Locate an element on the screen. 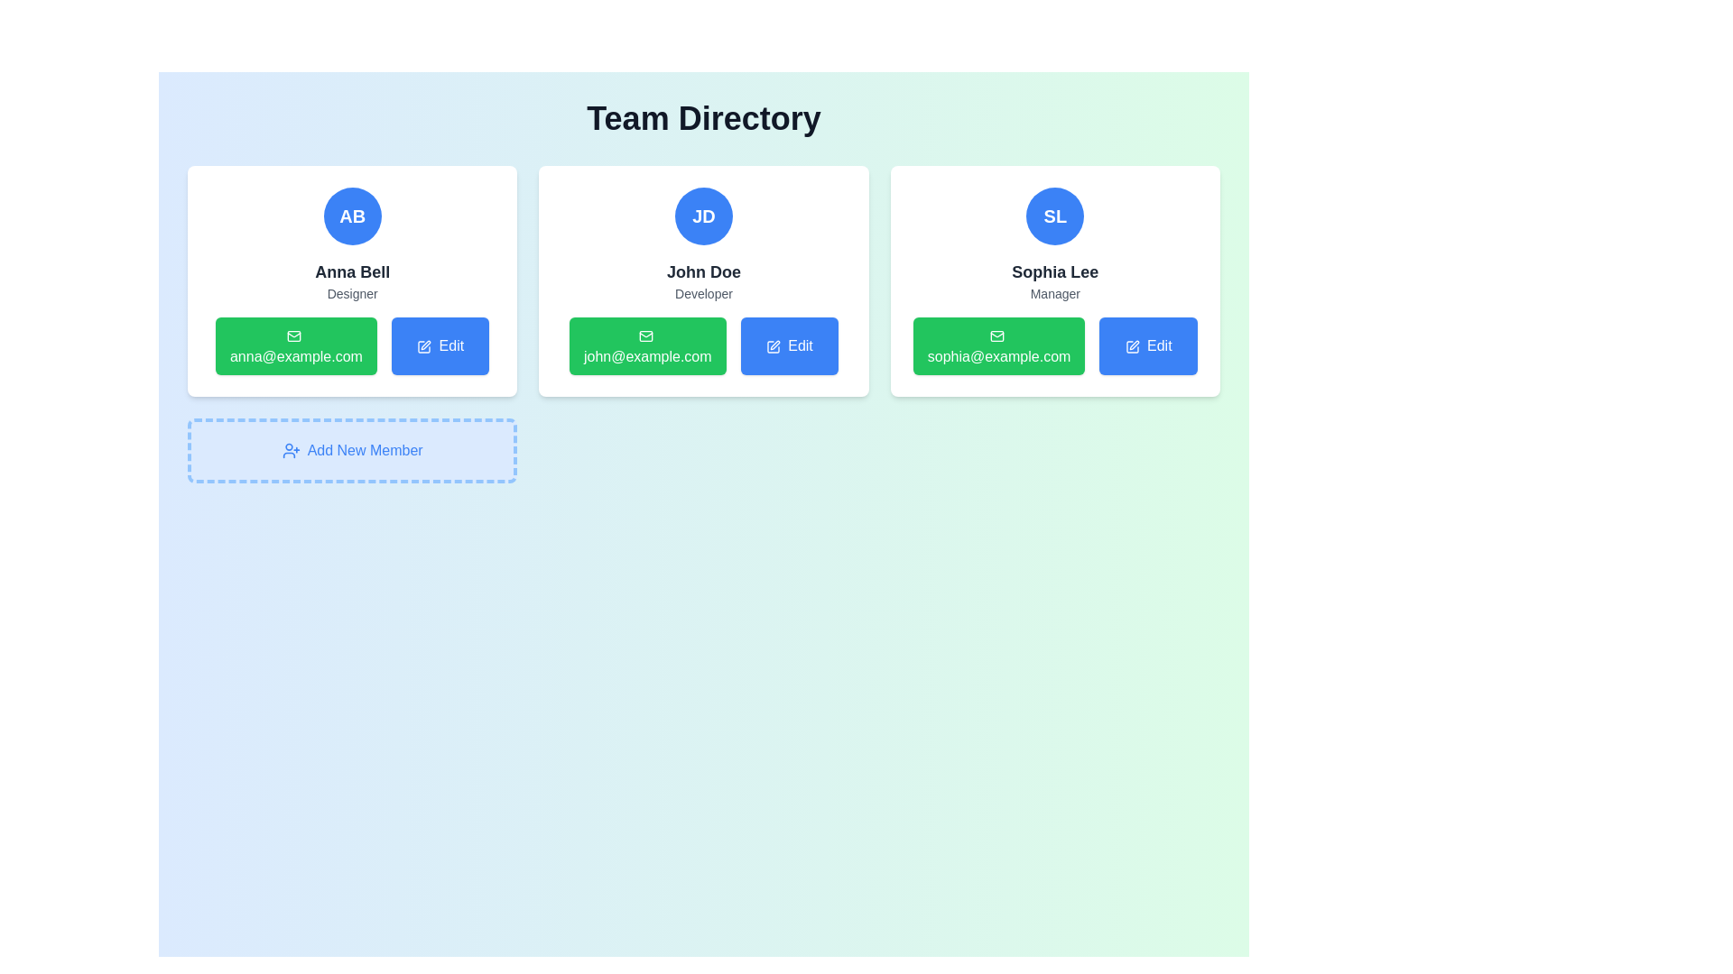  the pen icon located on the right-hand side of the 'Edit' button for 'Sophia Lee' is located at coordinates (1131, 346).